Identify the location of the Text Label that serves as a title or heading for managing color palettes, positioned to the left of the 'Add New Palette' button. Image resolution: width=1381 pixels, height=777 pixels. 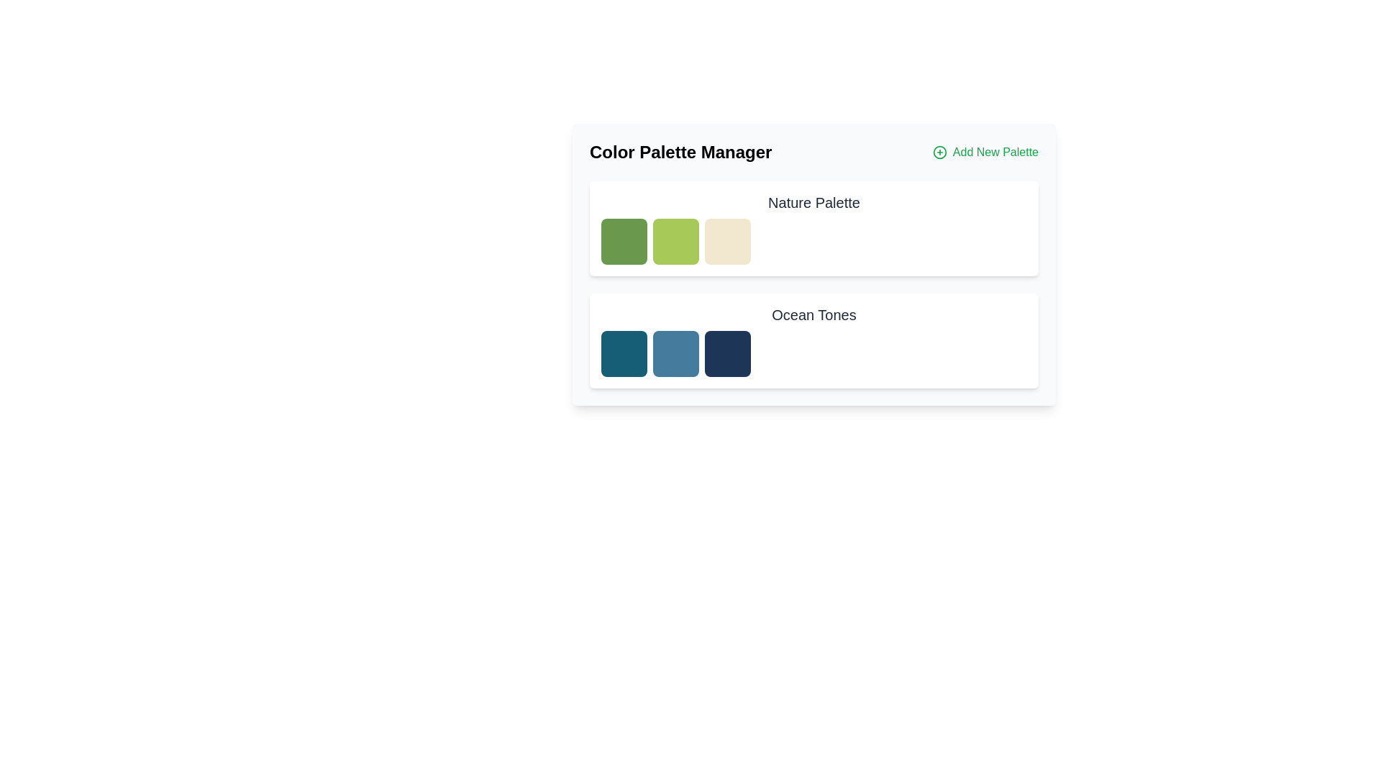
(680, 153).